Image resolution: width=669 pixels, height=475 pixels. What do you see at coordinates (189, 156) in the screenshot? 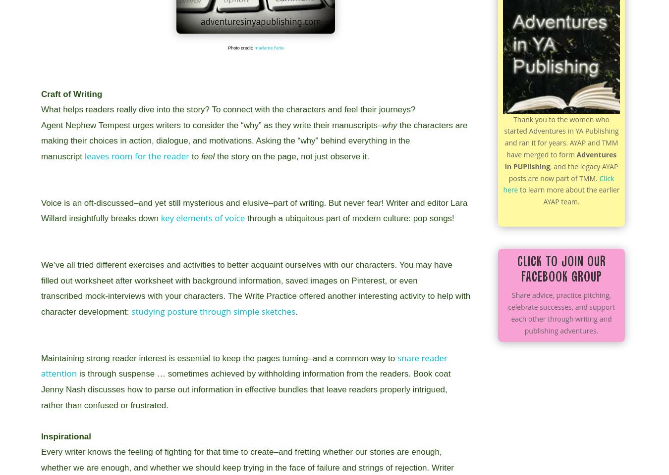
I see `'to'` at bounding box center [189, 156].